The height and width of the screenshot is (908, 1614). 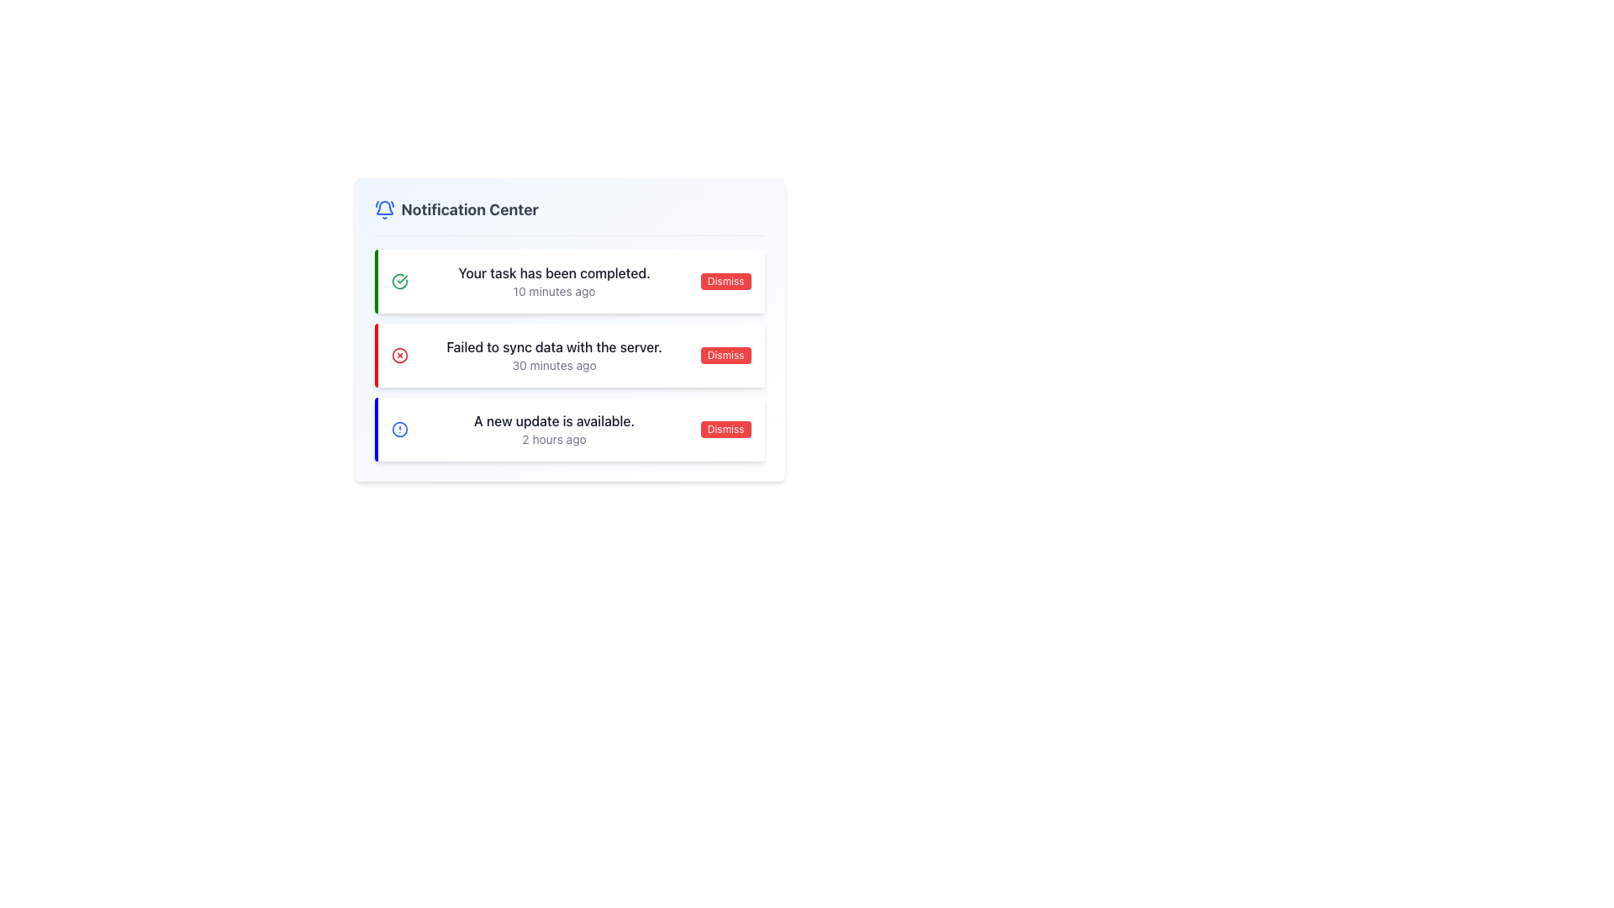 What do you see at coordinates (383, 209) in the screenshot?
I see `the notification icon located in the upper left corner of the Notification Center` at bounding box center [383, 209].